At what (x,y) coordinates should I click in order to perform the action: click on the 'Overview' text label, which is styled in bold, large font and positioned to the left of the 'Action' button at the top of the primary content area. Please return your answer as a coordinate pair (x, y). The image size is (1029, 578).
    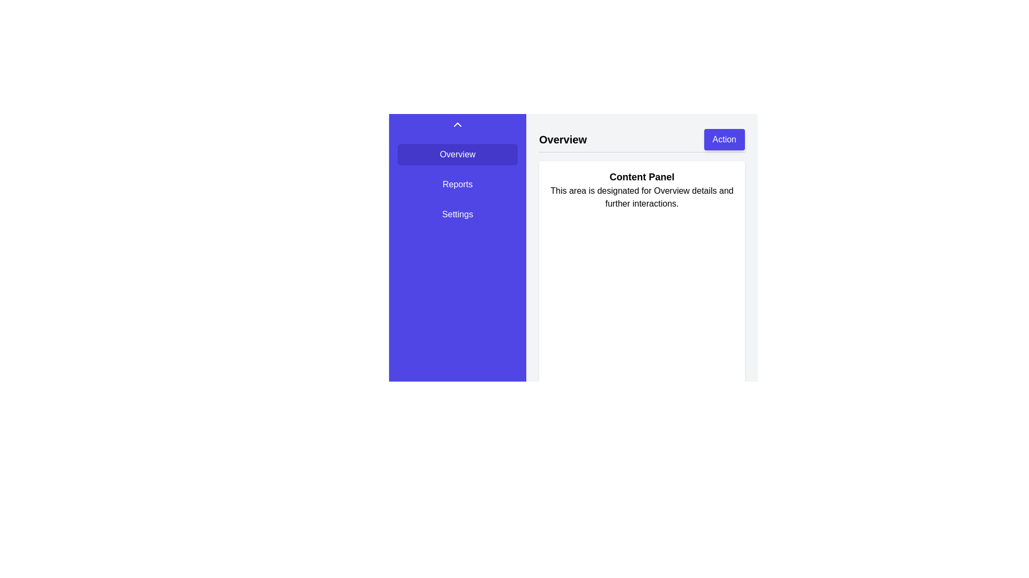
    Looking at the image, I should click on (562, 139).